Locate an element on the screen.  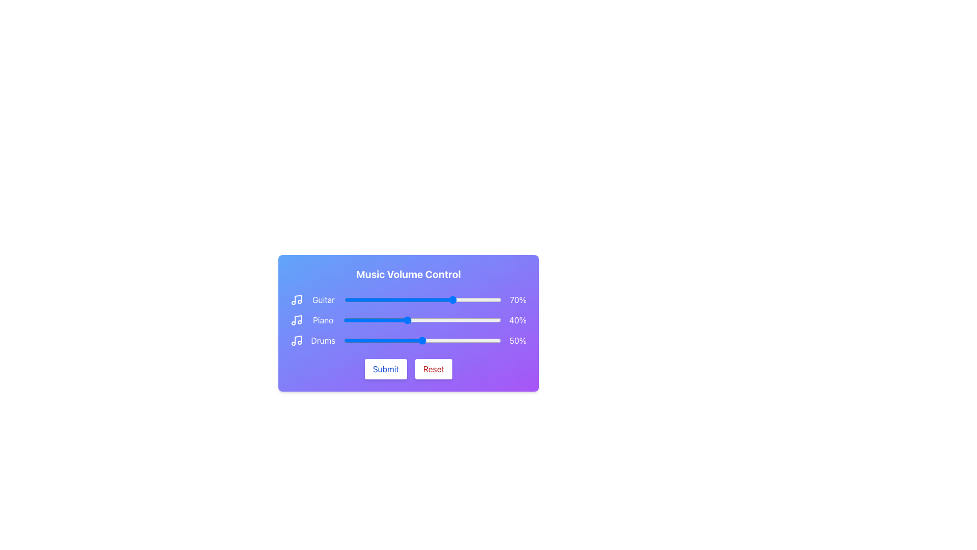
the volume is located at coordinates (434, 340).